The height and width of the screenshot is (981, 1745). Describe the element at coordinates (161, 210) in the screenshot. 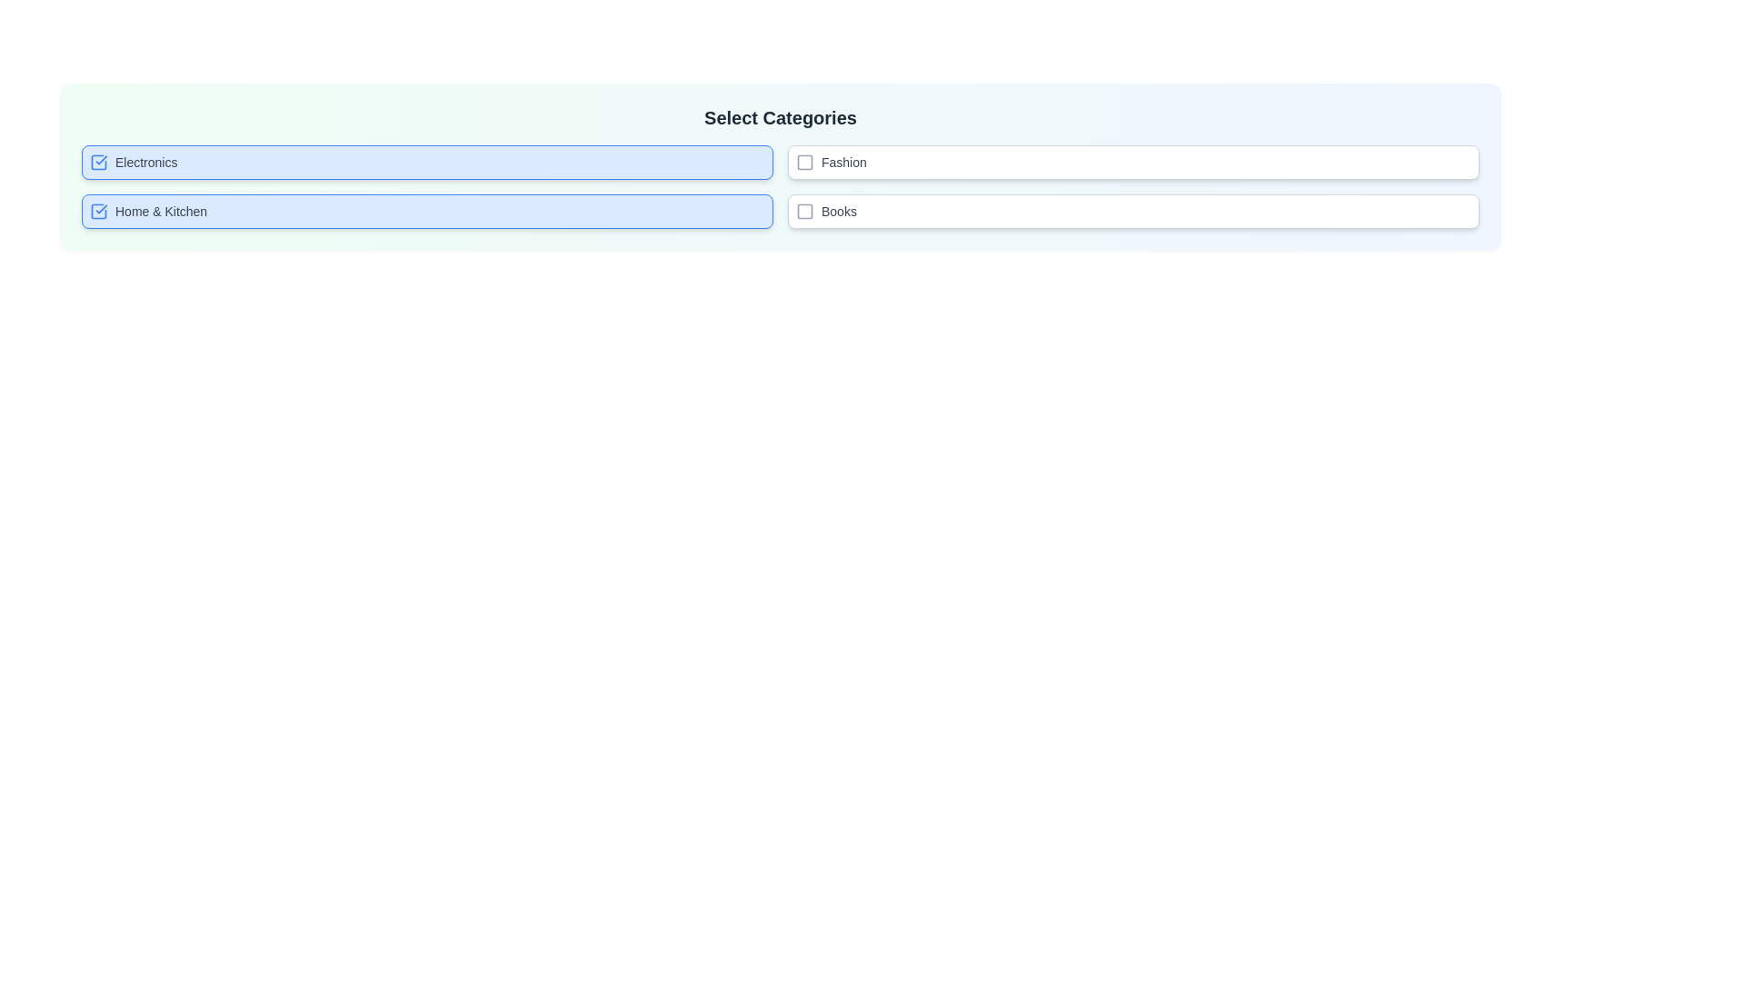

I see `the text label displaying 'Home & Kitchen', which is located on the left-hand side in the second row of options beneath 'Electronics'` at that location.